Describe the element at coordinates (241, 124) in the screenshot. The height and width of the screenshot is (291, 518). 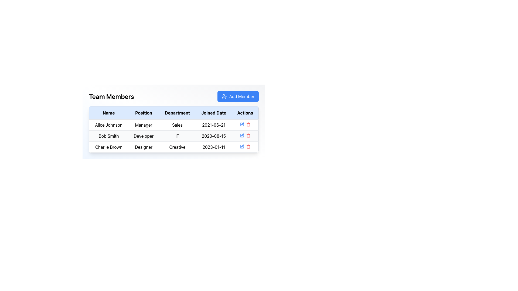
I see `the interactive blue pen icon located in the 'Actions' column of the first row of the table under 'Team Members', positioned to the left of the red trash icon` at that location.